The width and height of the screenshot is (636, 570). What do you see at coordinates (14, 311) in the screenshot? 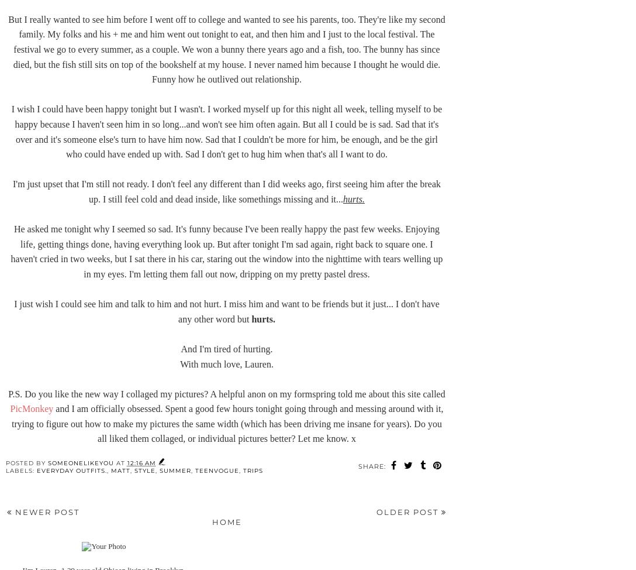
I see `'I just wish I could see him and talk to him and not hurt. I miss him and want to be friends but it just... I don't have any other word but'` at bounding box center [14, 311].